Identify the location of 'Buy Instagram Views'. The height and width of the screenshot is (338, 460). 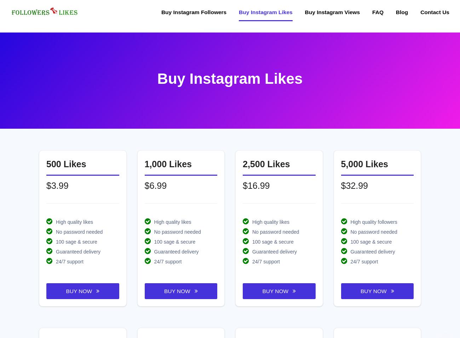
(332, 15).